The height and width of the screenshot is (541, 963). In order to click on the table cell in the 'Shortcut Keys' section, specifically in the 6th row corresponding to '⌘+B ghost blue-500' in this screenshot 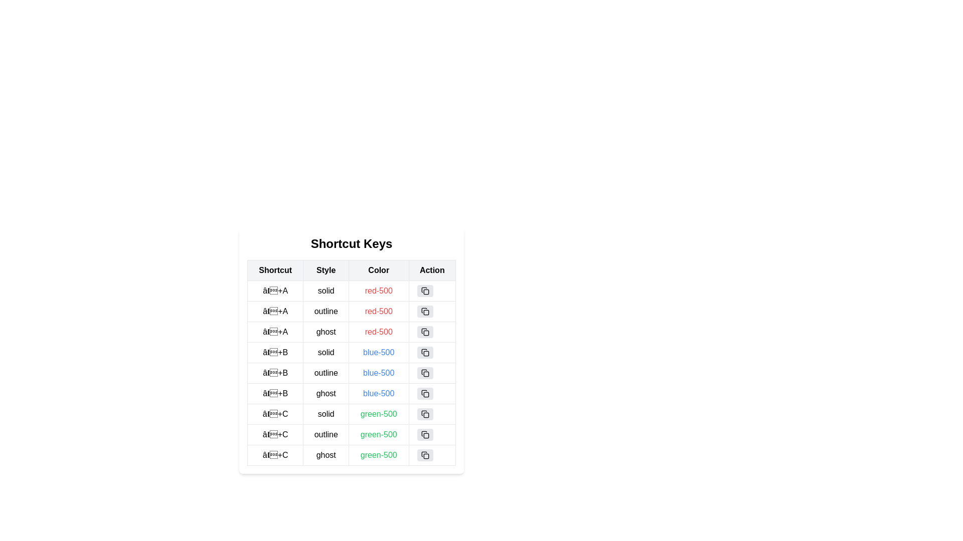, I will do `click(351, 393)`.